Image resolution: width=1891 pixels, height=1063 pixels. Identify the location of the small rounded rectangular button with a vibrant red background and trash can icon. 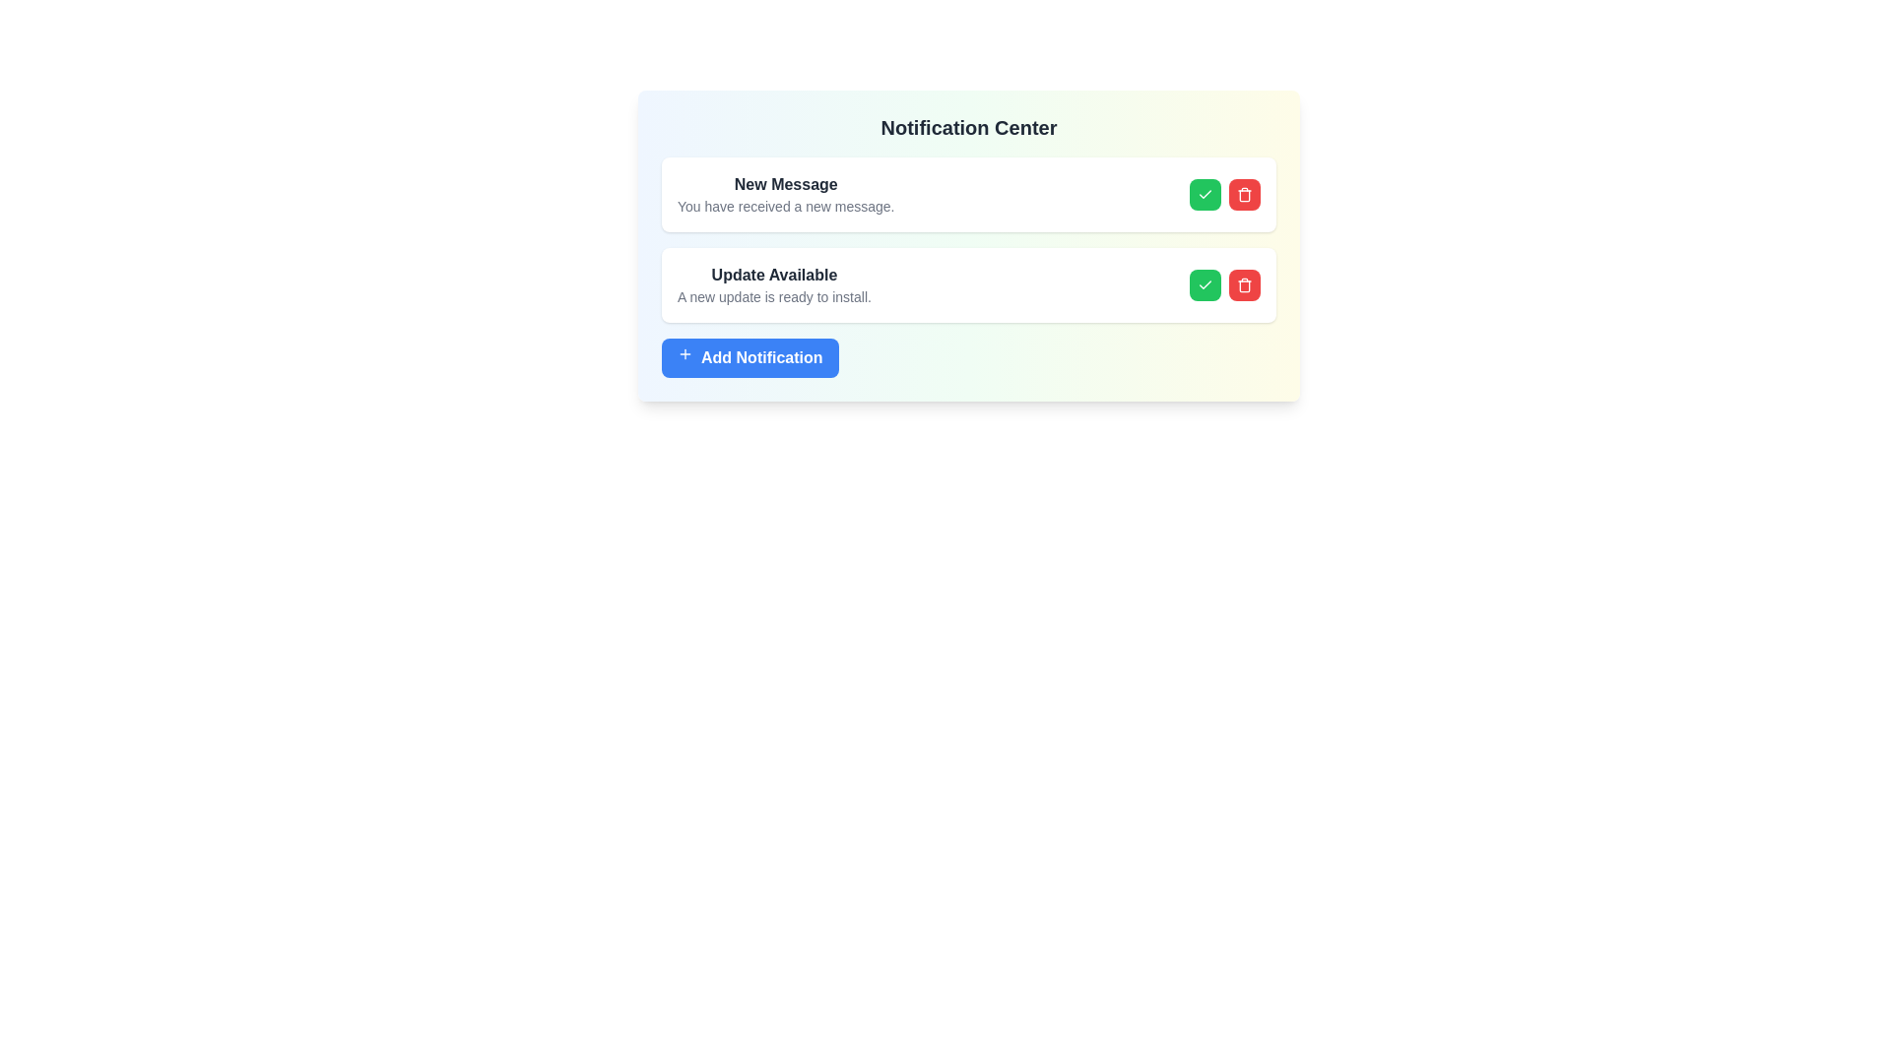
(1243, 194).